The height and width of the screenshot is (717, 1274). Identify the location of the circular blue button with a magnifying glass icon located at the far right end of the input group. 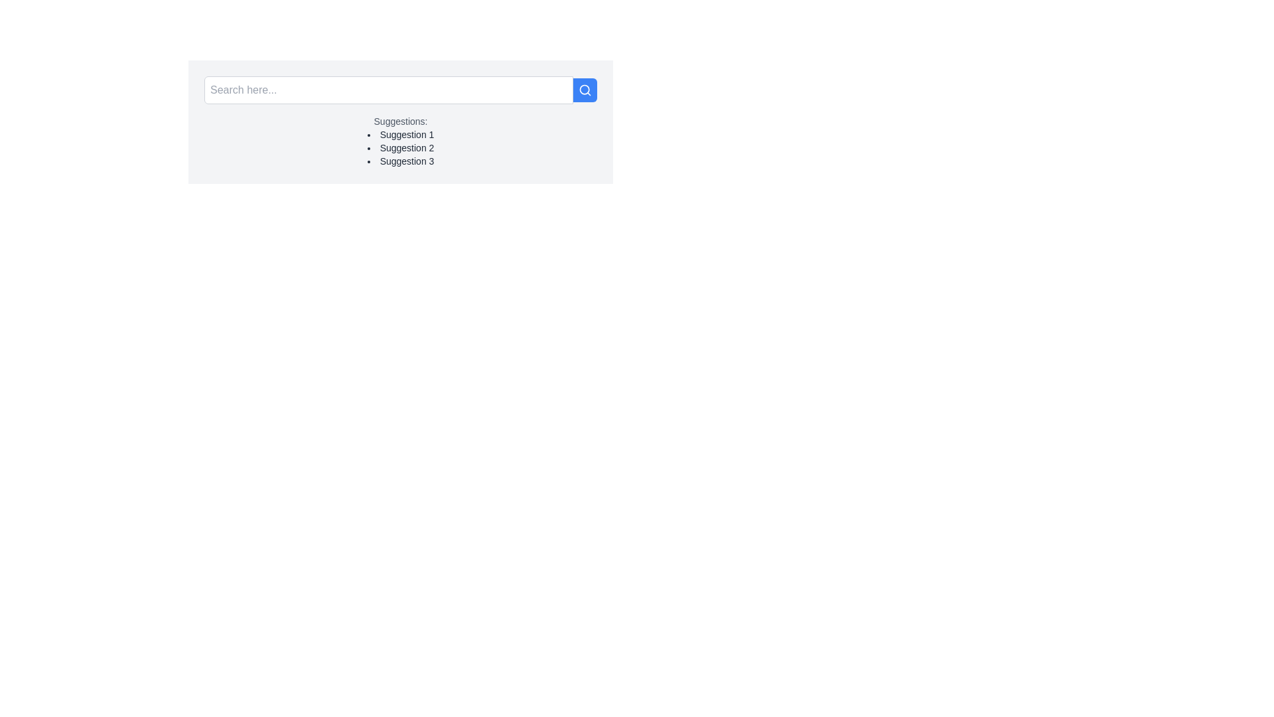
(585, 90).